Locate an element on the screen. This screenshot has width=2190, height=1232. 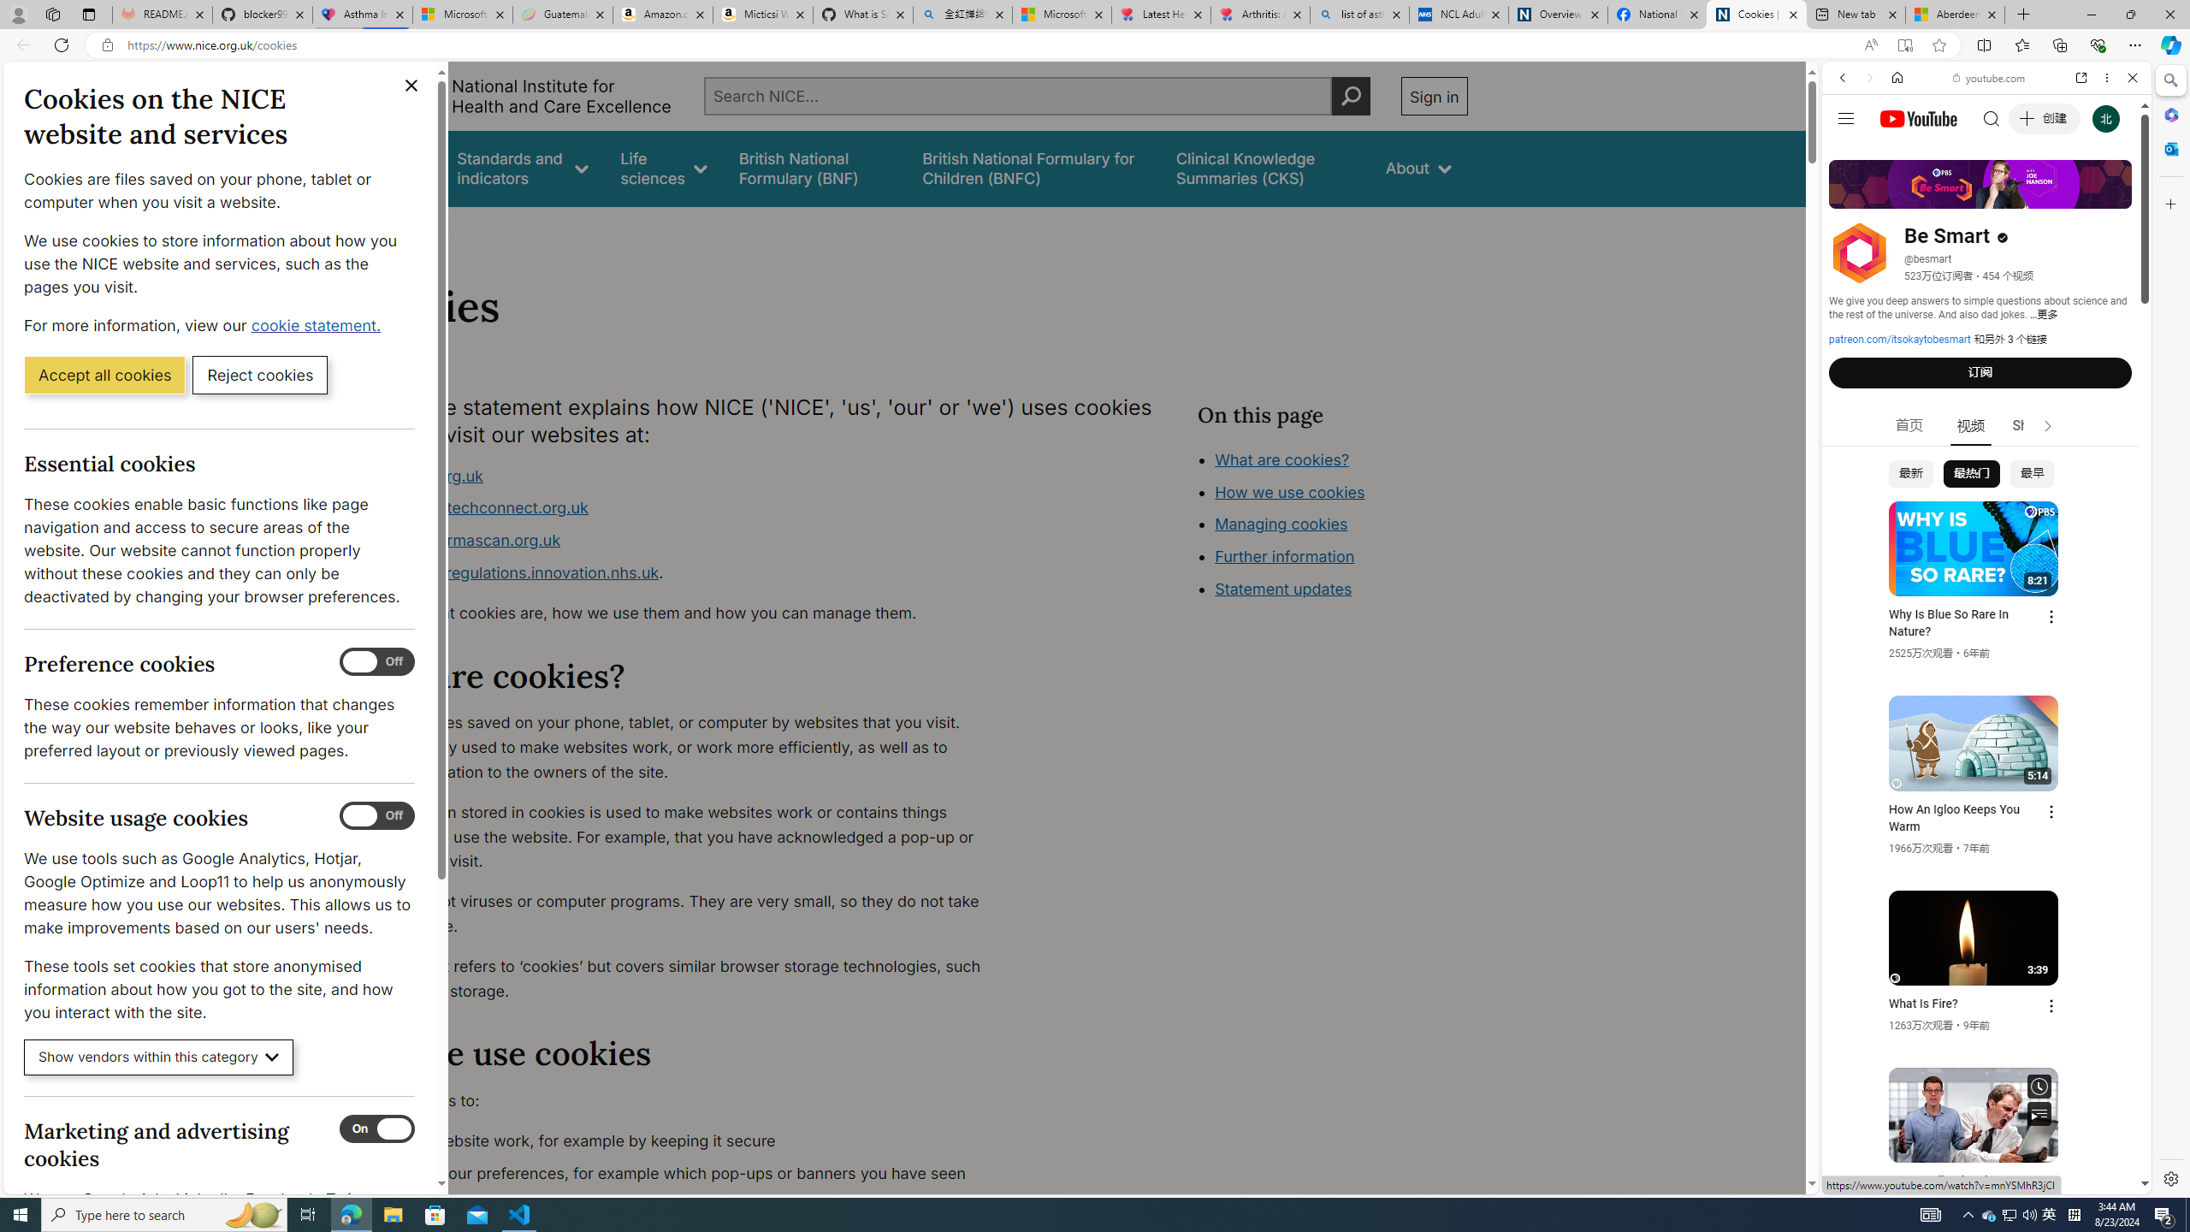
'cookie statement. (Opens in a new window)' is located at coordinates (317, 324).